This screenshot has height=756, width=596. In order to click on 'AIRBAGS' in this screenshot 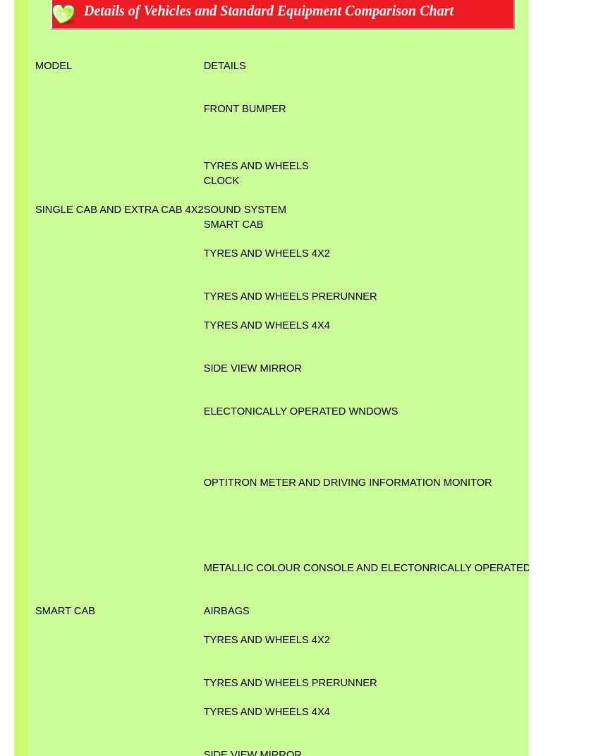, I will do `click(226, 609)`.